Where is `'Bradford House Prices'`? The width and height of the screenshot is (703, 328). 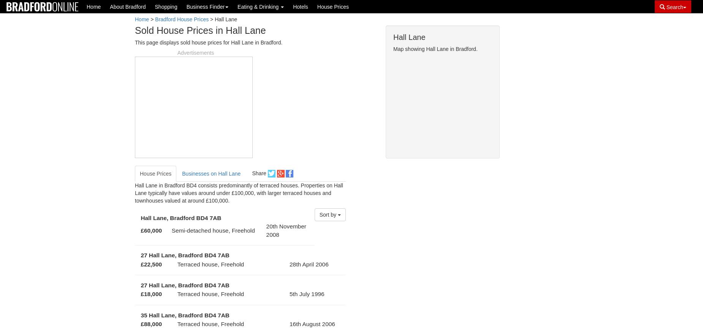
'Bradford House Prices' is located at coordinates (182, 19).